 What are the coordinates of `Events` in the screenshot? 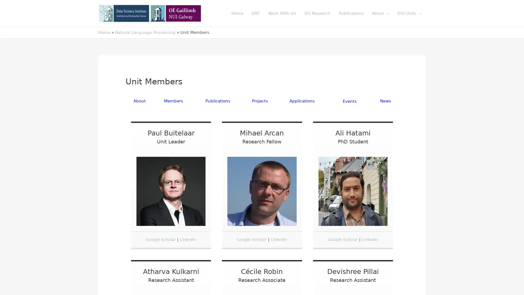 It's located at (350, 101).